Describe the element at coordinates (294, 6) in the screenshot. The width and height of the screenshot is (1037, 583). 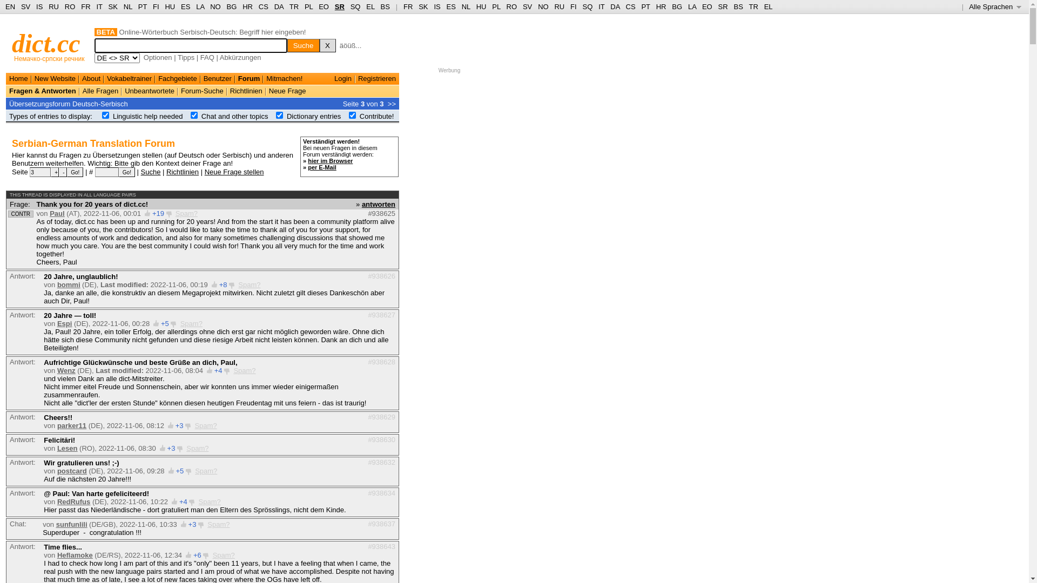
I see `'TR'` at that location.